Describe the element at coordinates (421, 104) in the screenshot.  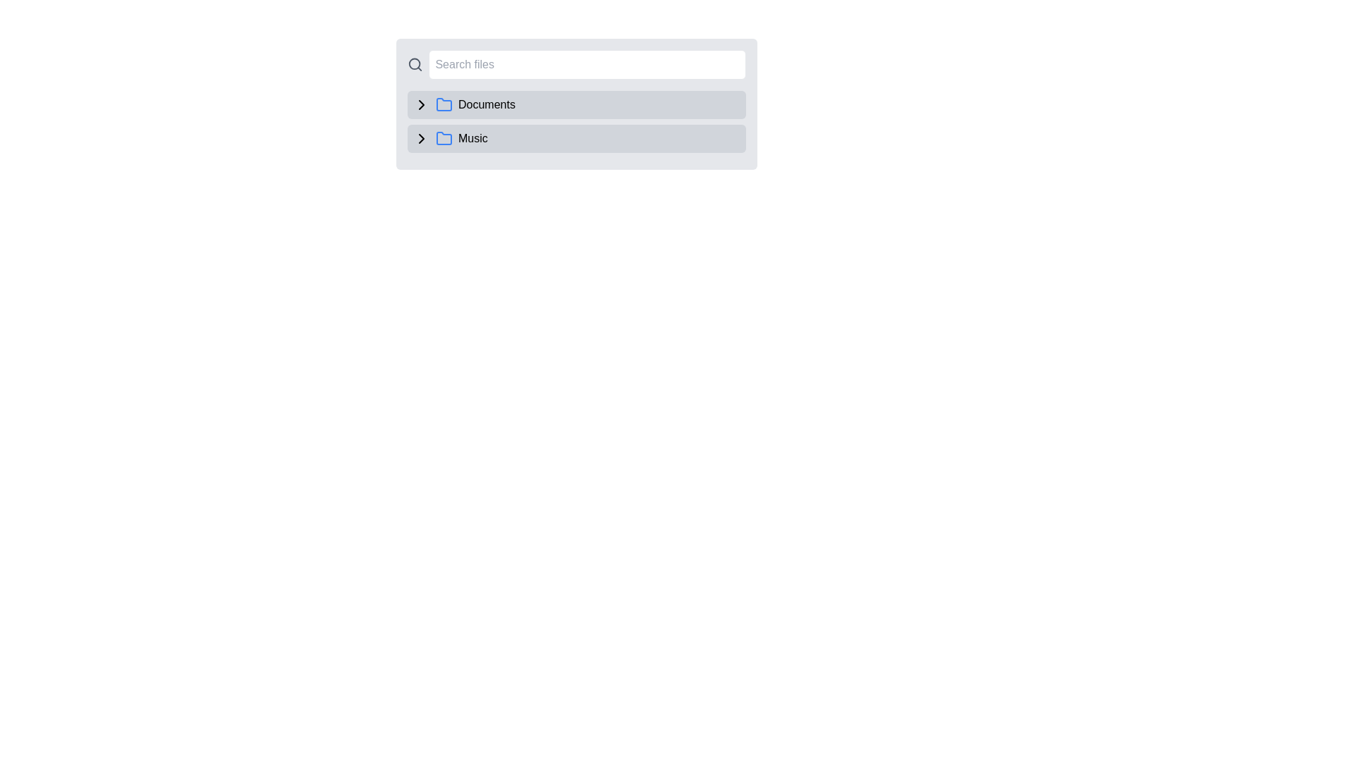
I see `the chevron toggle icon` at that location.